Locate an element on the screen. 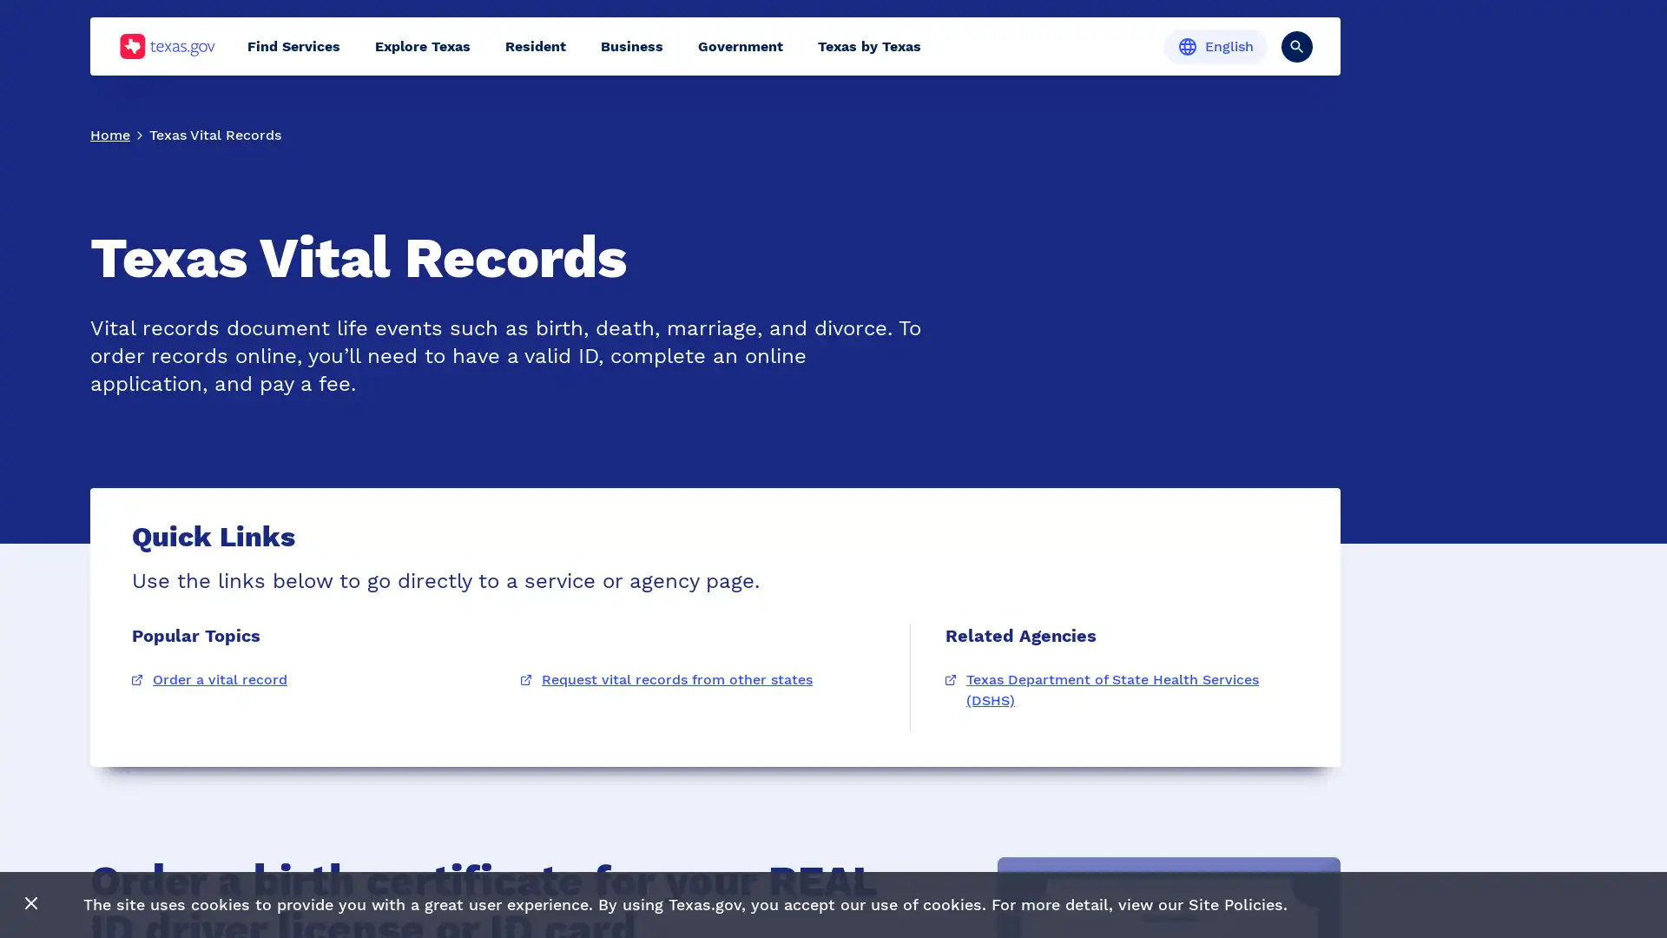 This screenshot has width=1667, height=938. Business is located at coordinates (631, 45).